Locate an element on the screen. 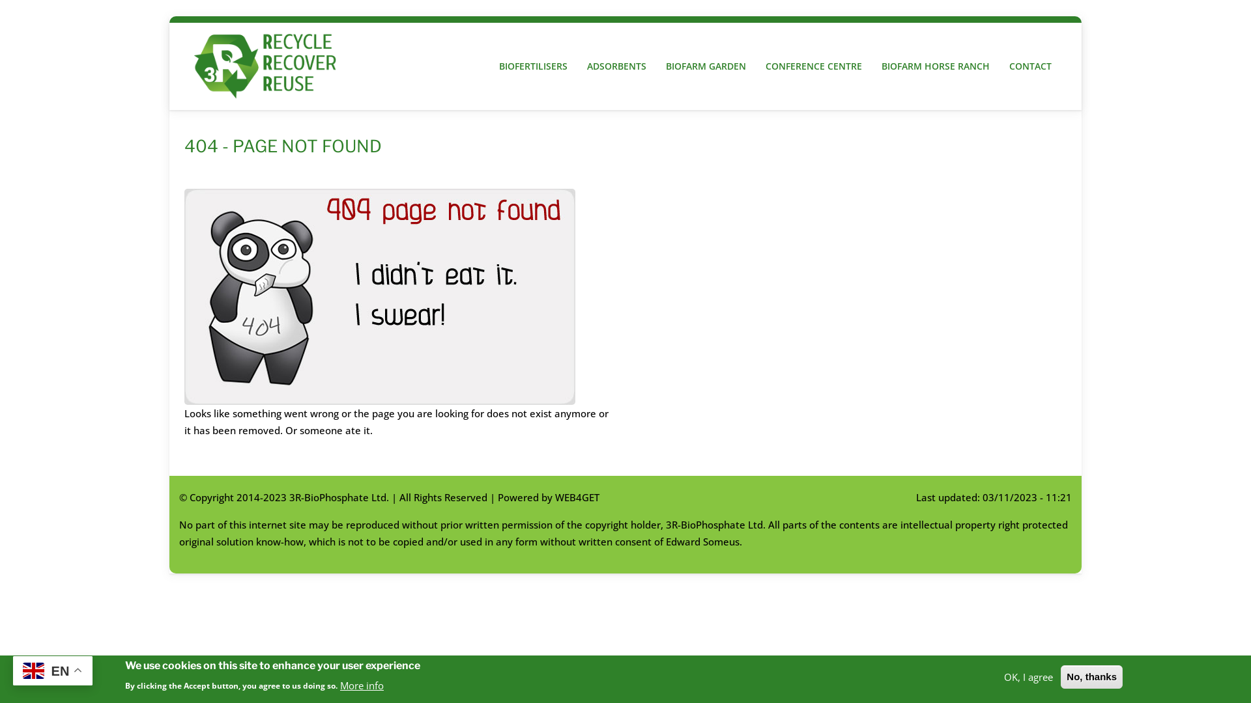 The width and height of the screenshot is (1251, 703). 'More info' is located at coordinates (362, 684).